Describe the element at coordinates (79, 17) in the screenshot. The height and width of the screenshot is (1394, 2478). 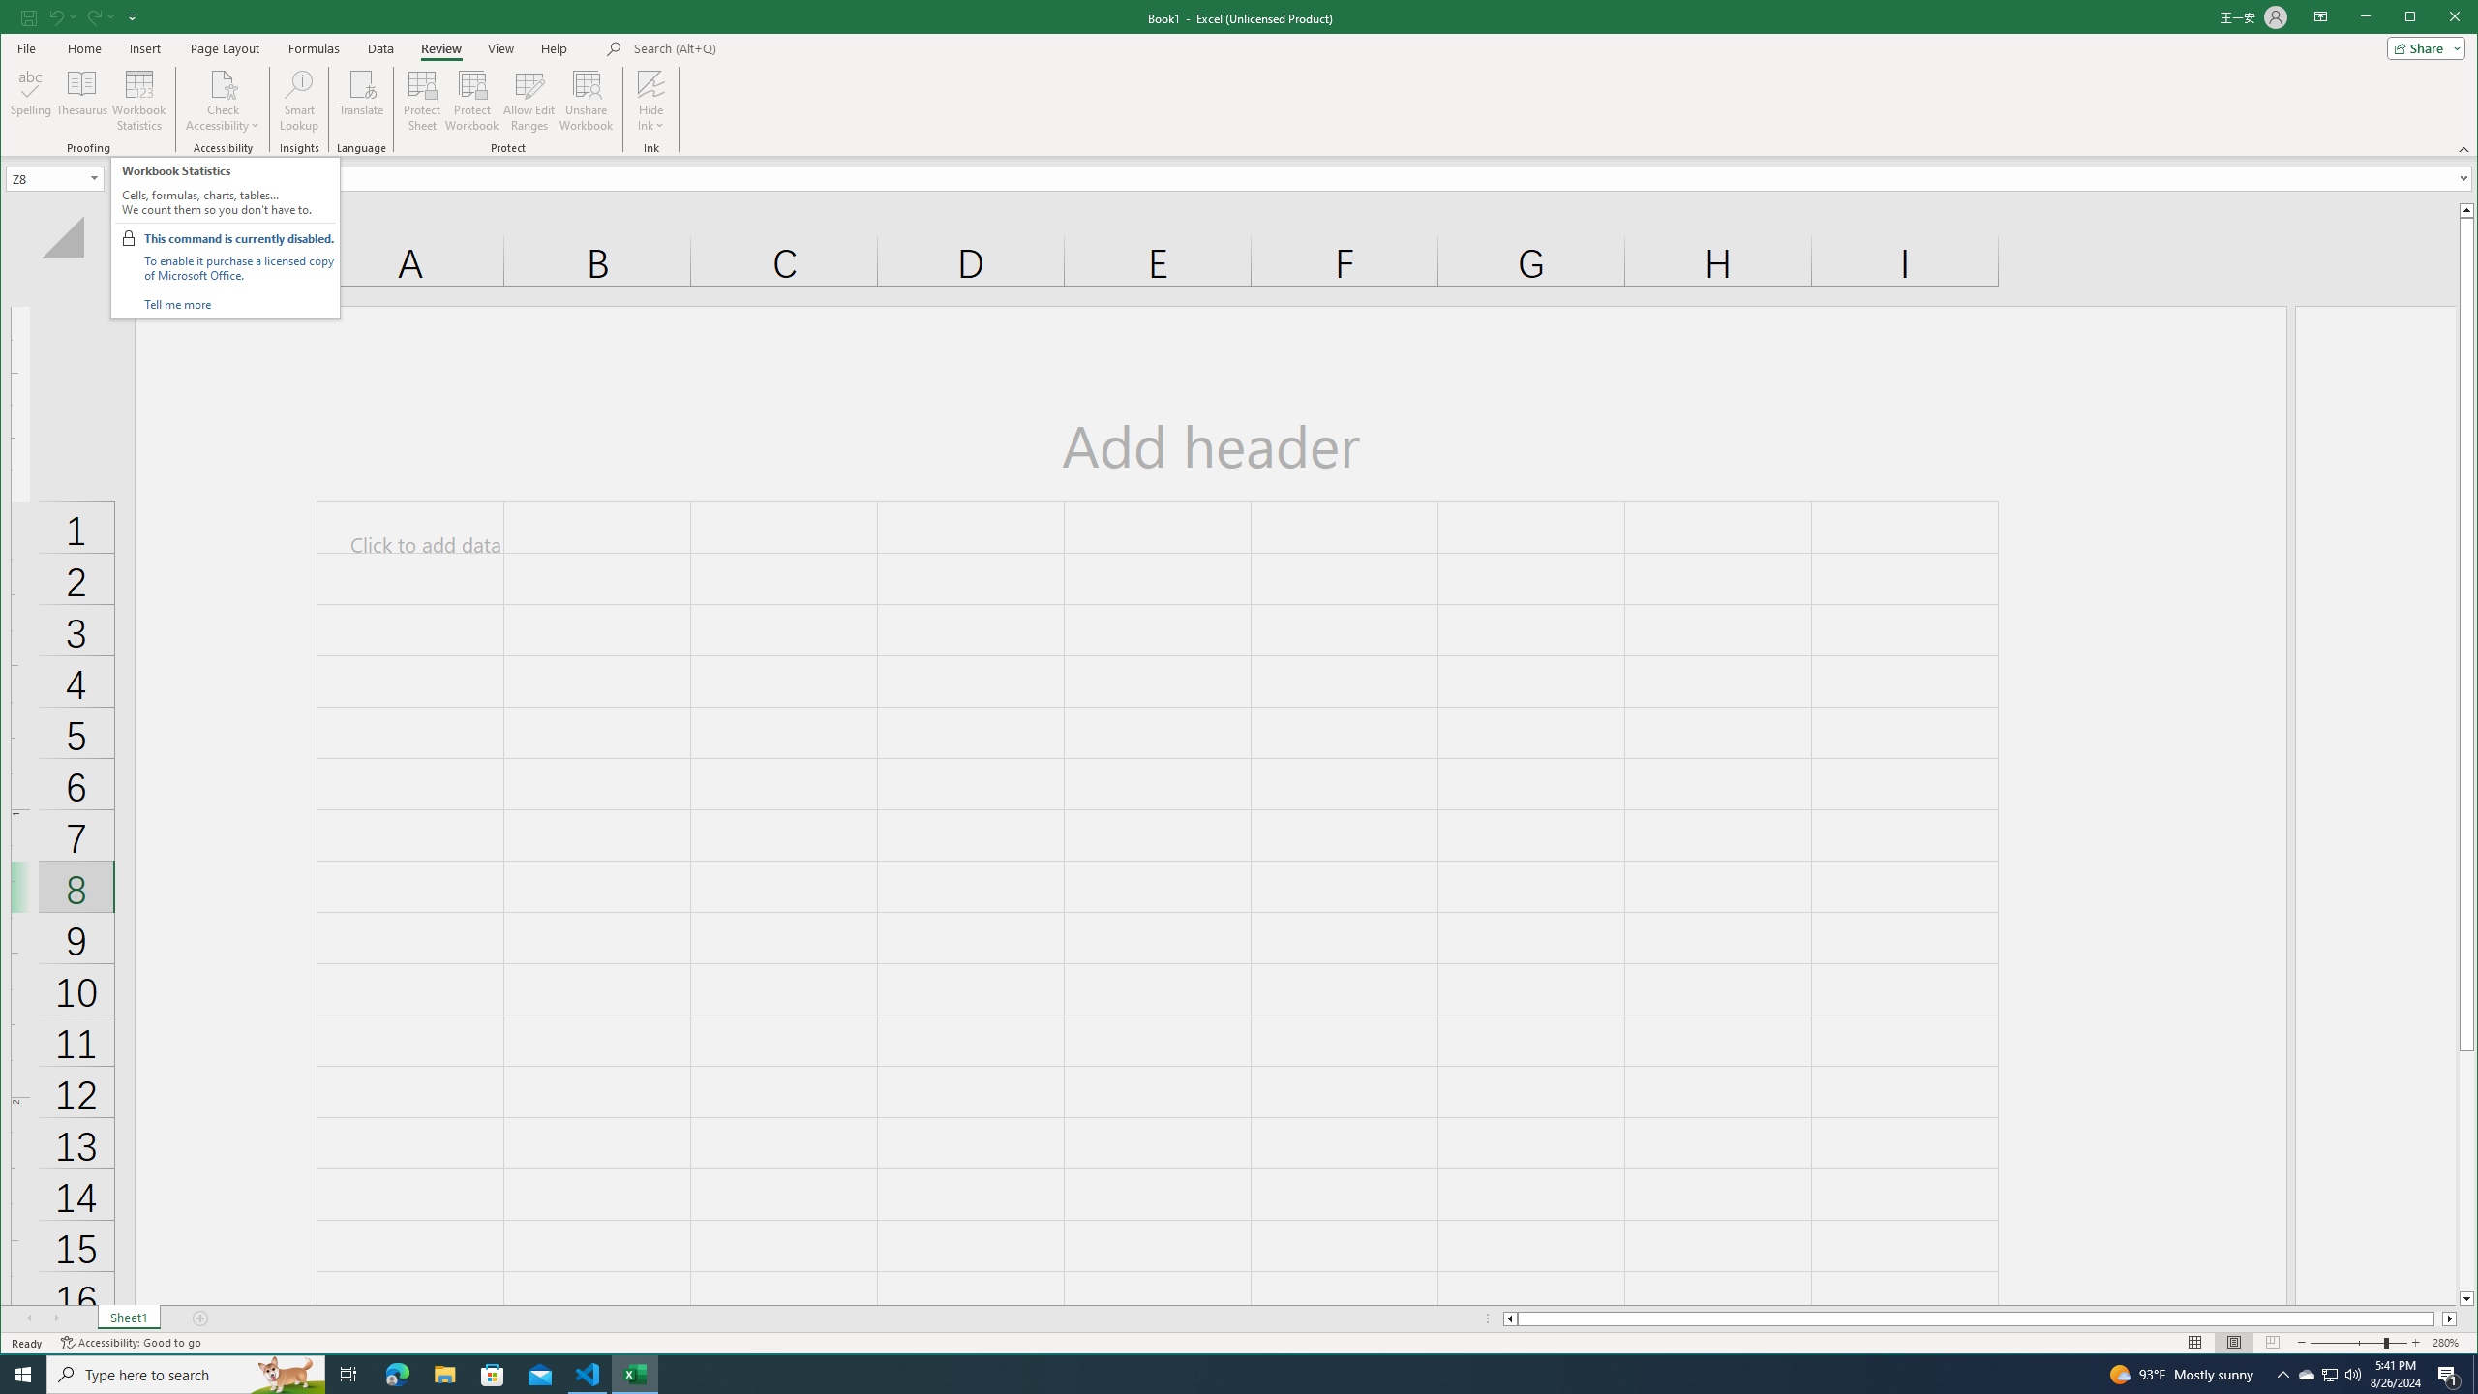
I see `'Quick Access Toolbar'` at that location.